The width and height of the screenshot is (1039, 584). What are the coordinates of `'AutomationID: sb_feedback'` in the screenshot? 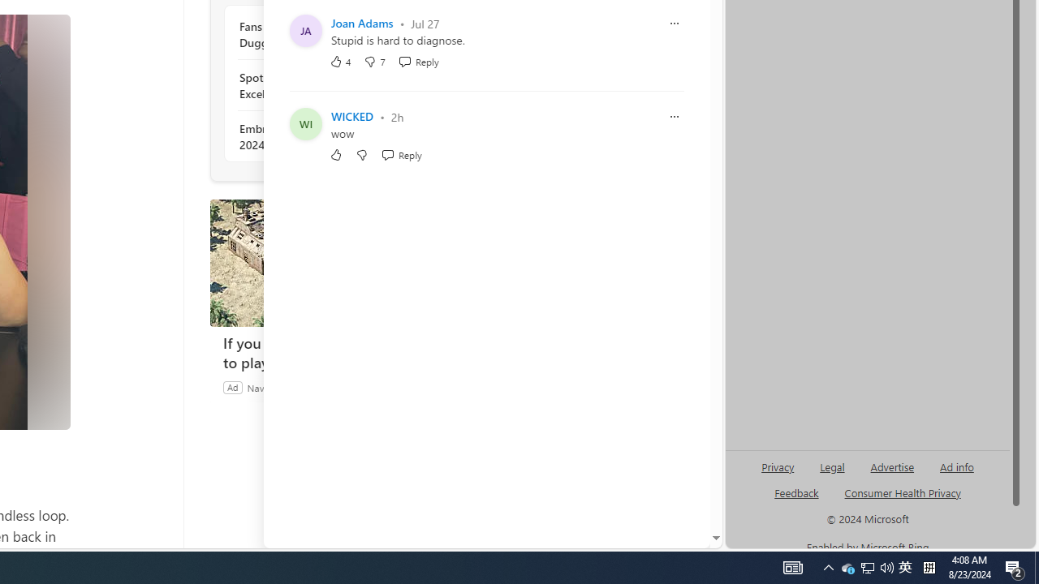 It's located at (796, 492).